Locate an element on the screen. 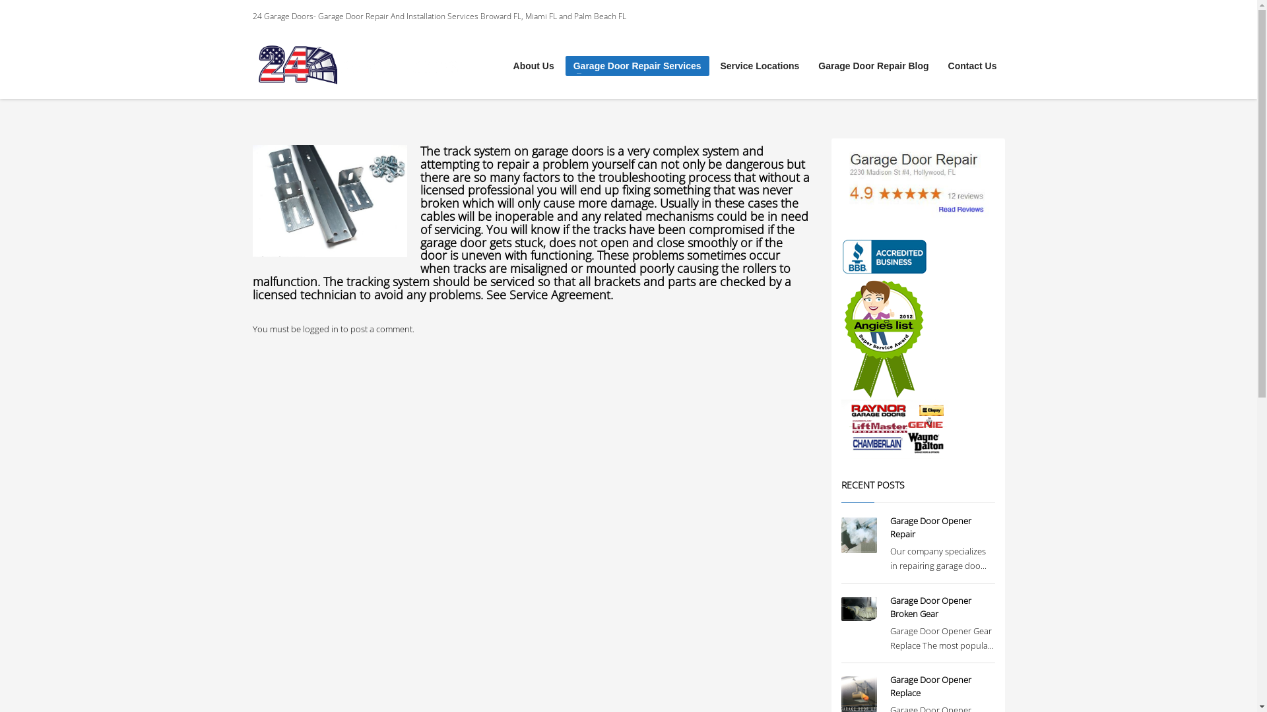 Image resolution: width=1267 pixels, height=712 pixels. 'Garage Door Opener Broken Gear' is located at coordinates (890, 607).